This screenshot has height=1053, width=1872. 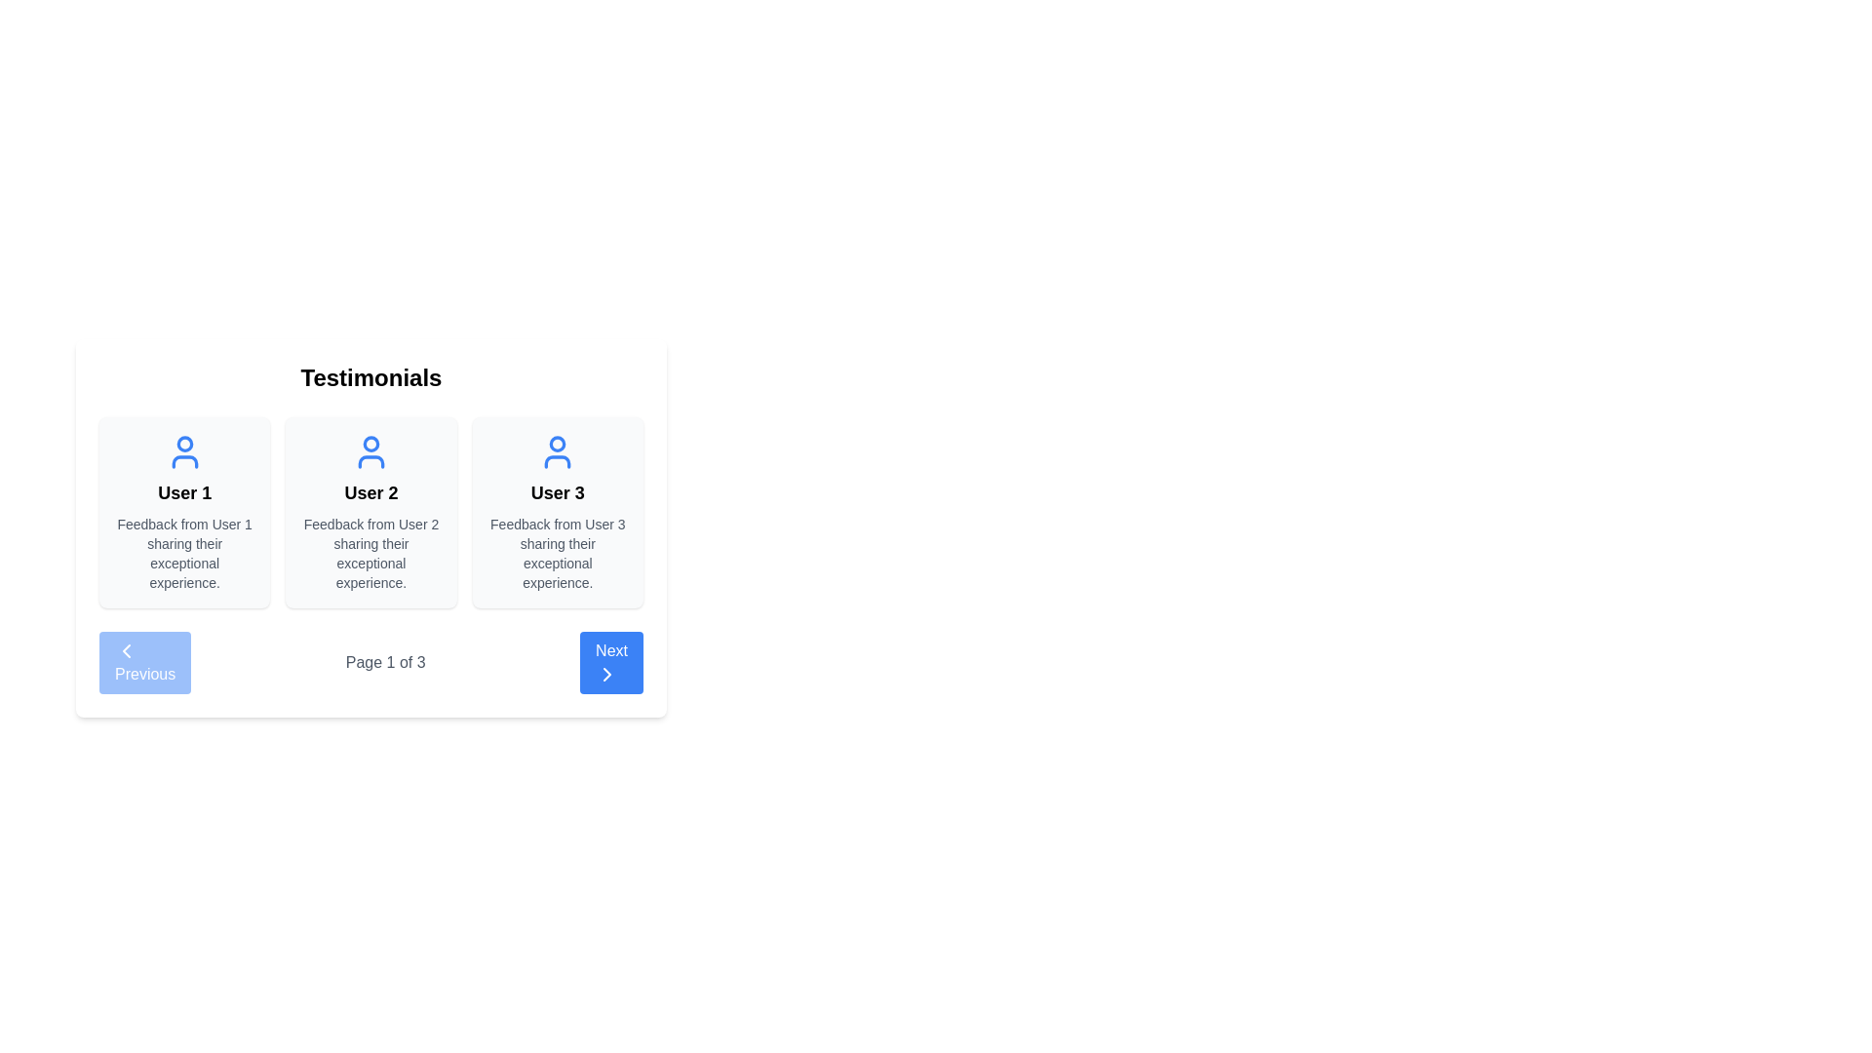 I want to click on the text label displaying 'User 1' which is styled in bold, medium-large font and located in the top section of a testimonial card, so click(x=184, y=491).